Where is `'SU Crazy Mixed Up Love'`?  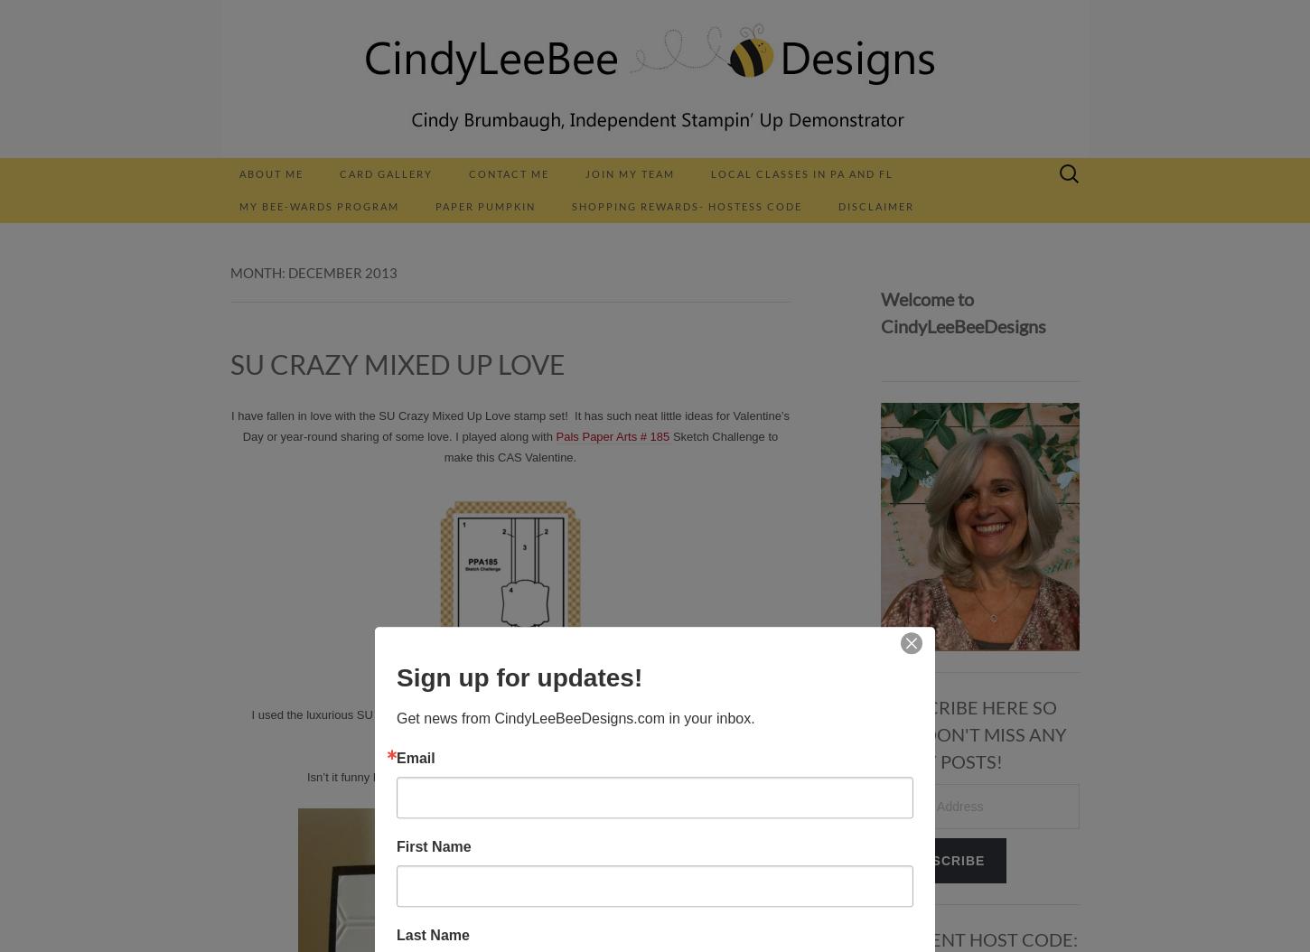 'SU Crazy Mixed Up Love' is located at coordinates (230, 363).